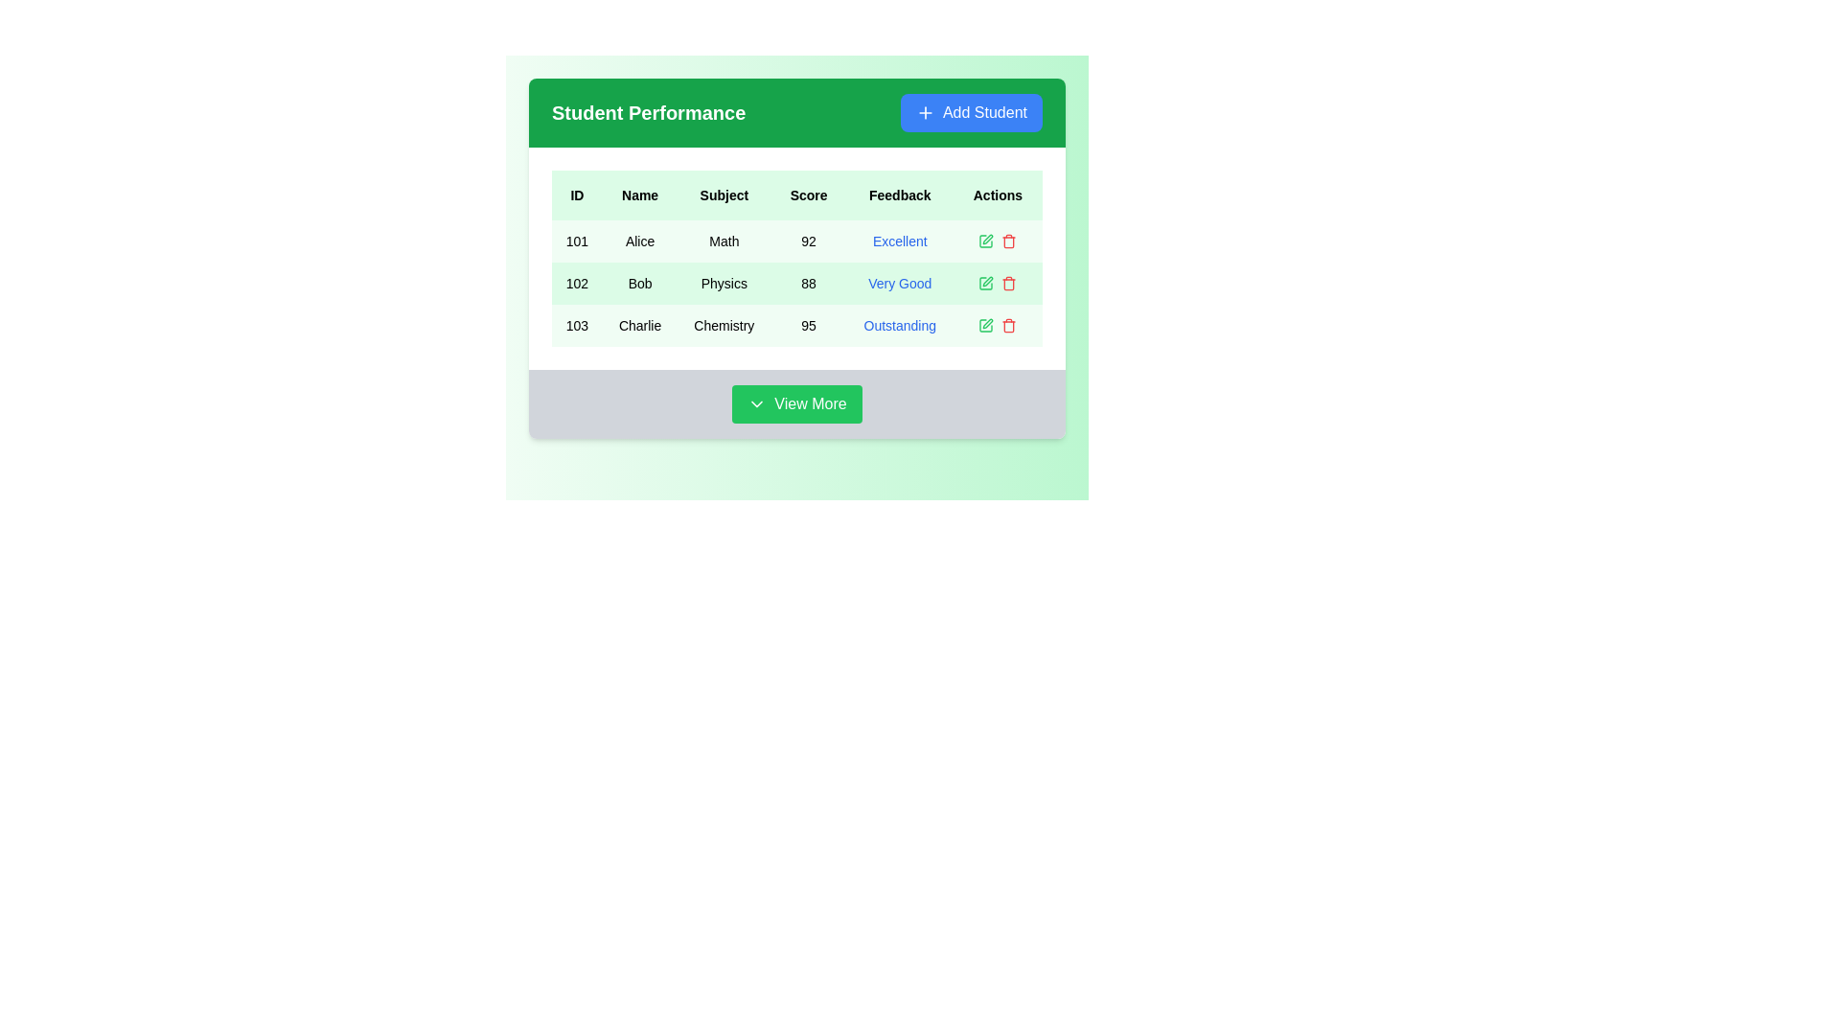 The image size is (1840, 1035). I want to click on the pencil-like icon in the 'Actions' column of the last row corresponding to 'Charlie' and 'Outstanding' feedback, so click(988, 323).